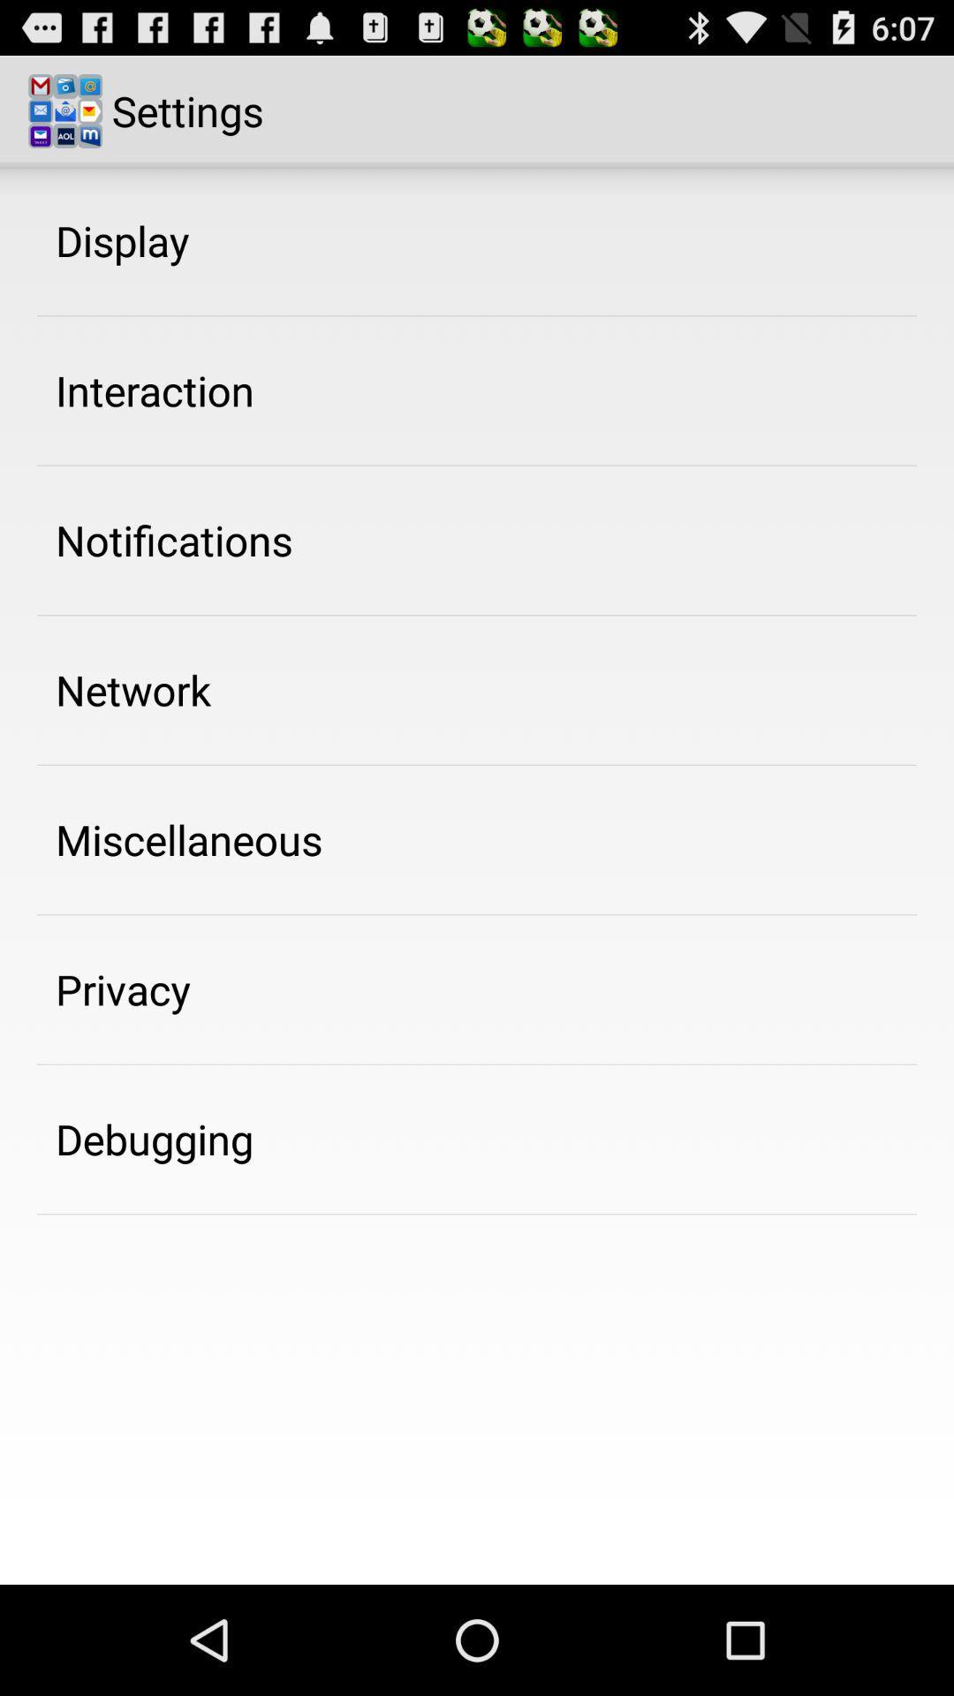 Image resolution: width=954 pixels, height=1696 pixels. I want to click on the interaction, so click(154, 390).